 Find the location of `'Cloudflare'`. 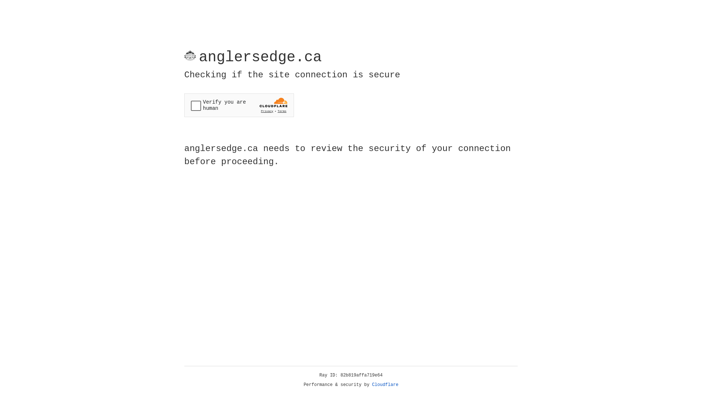

'Cloudflare' is located at coordinates (372, 385).